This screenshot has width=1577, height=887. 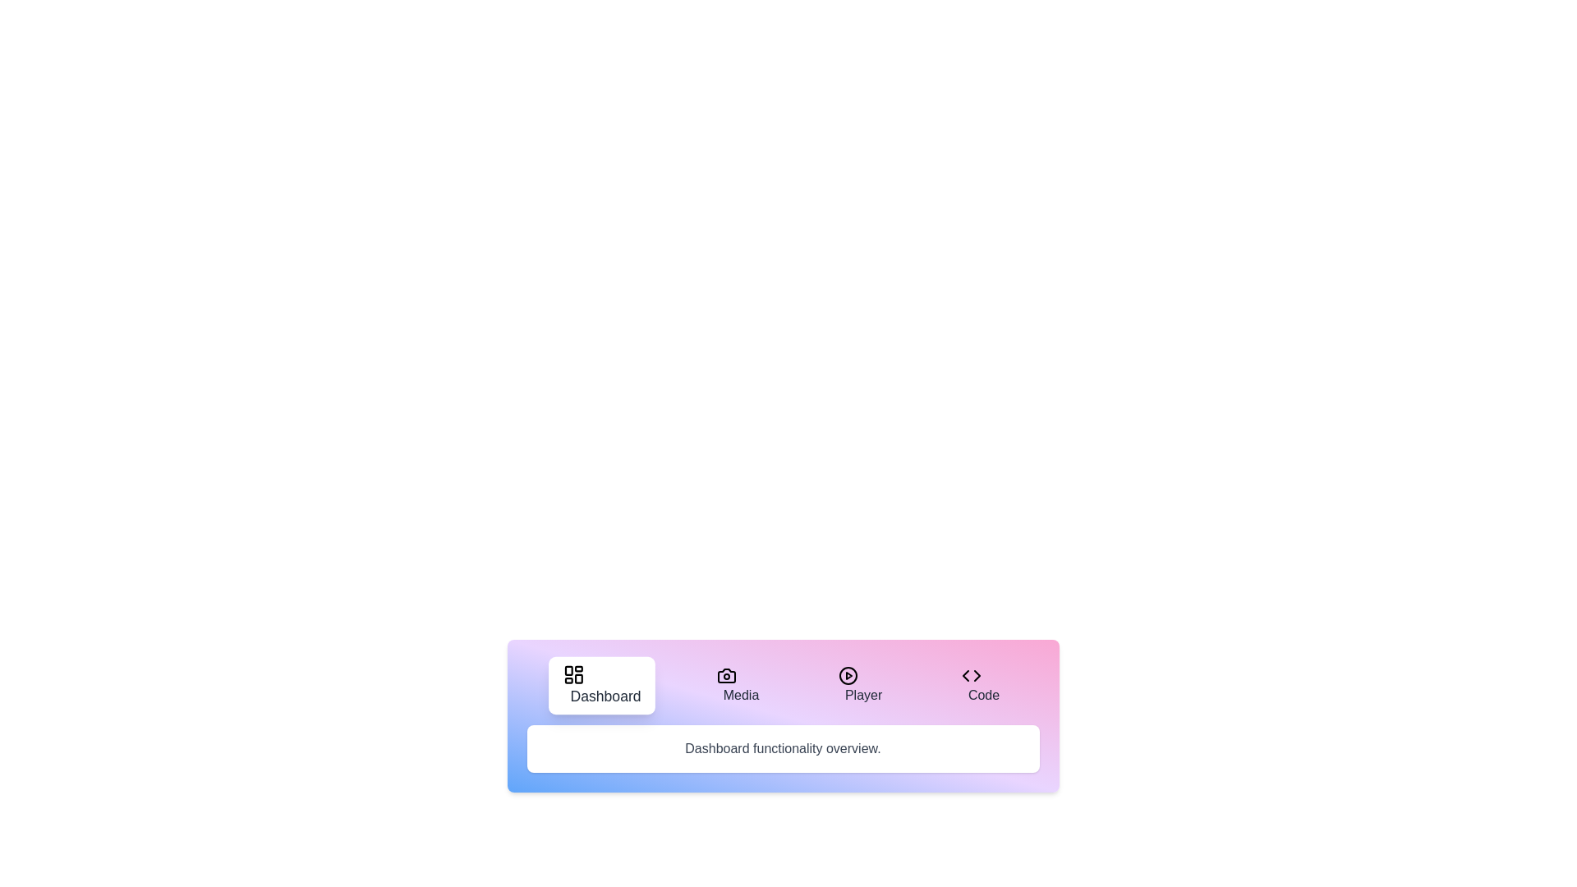 What do you see at coordinates (981, 685) in the screenshot?
I see `the tab labeled Code` at bounding box center [981, 685].